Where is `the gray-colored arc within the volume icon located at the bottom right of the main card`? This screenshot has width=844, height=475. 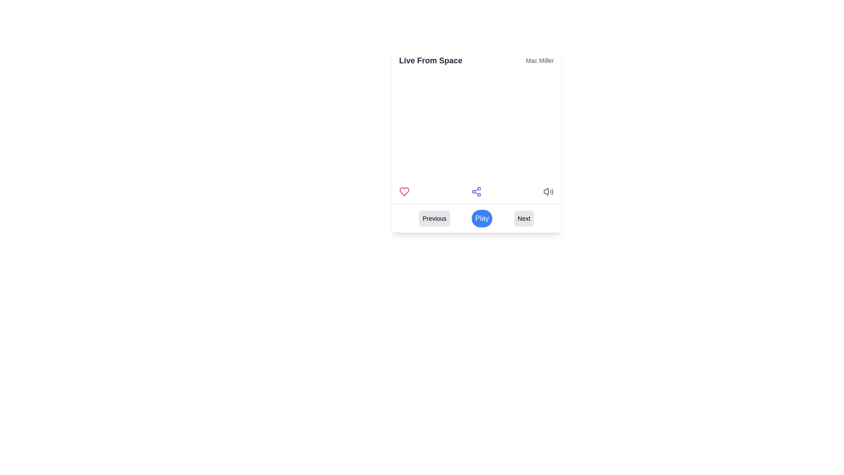
the gray-colored arc within the volume icon located at the bottom right of the main card is located at coordinates (552, 191).